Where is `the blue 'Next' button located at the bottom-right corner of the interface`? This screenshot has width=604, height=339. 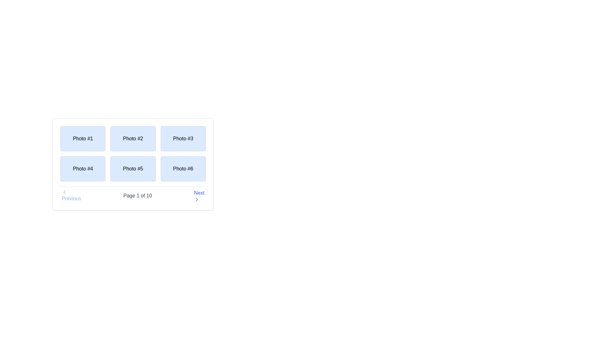 the blue 'Next' button located at the bottom-right corner of the interface is located at coordinates (199, 196).